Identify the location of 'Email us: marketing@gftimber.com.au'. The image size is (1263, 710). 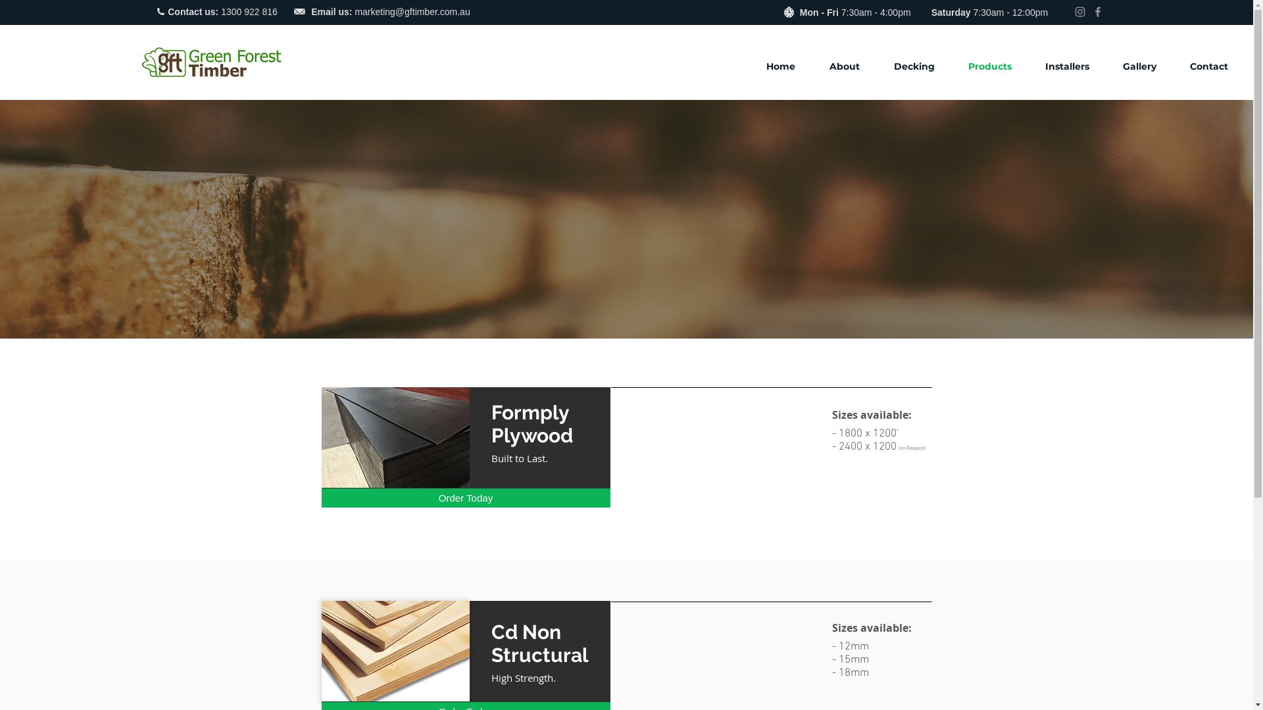
(310, 11).